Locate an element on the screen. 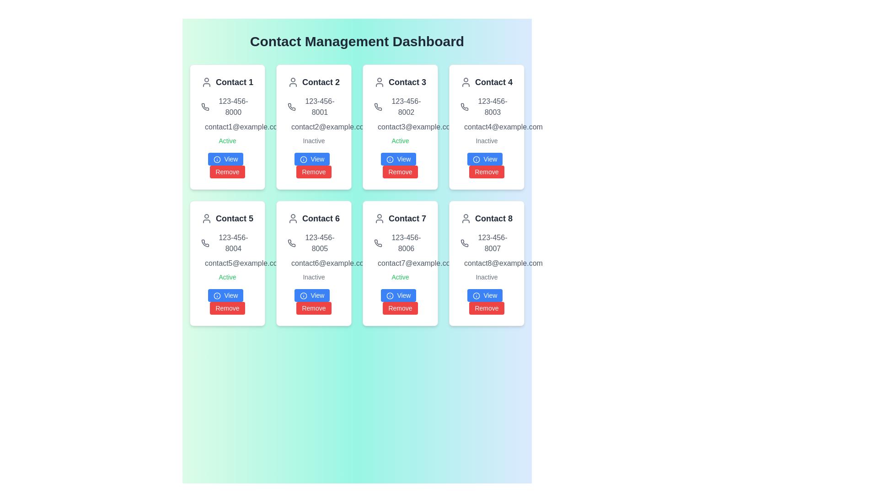 Image resolution: width=878 pixels, height=494 pixels. the second interactive card in the Contact Management Dashboard is located at coordinates (314, 127).